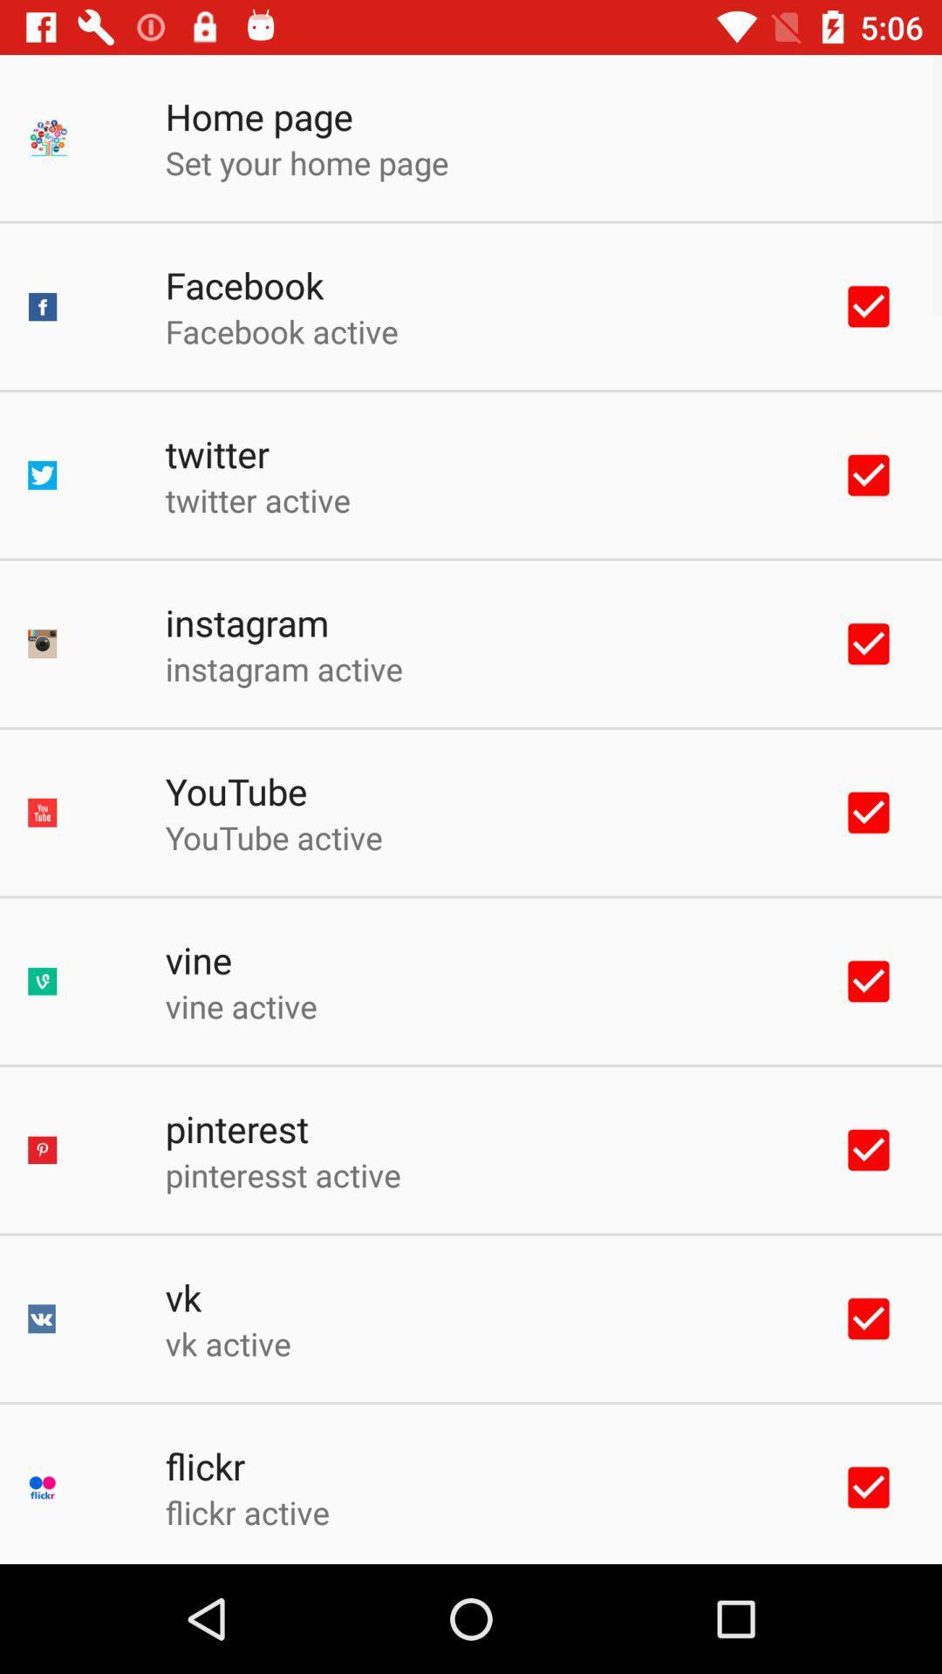 This screenshot has width=942, height=1674. What do you see at coordinates (236, 1128) in the screenshot?
I see `the pinterest` at bounding box center [236, 1128].